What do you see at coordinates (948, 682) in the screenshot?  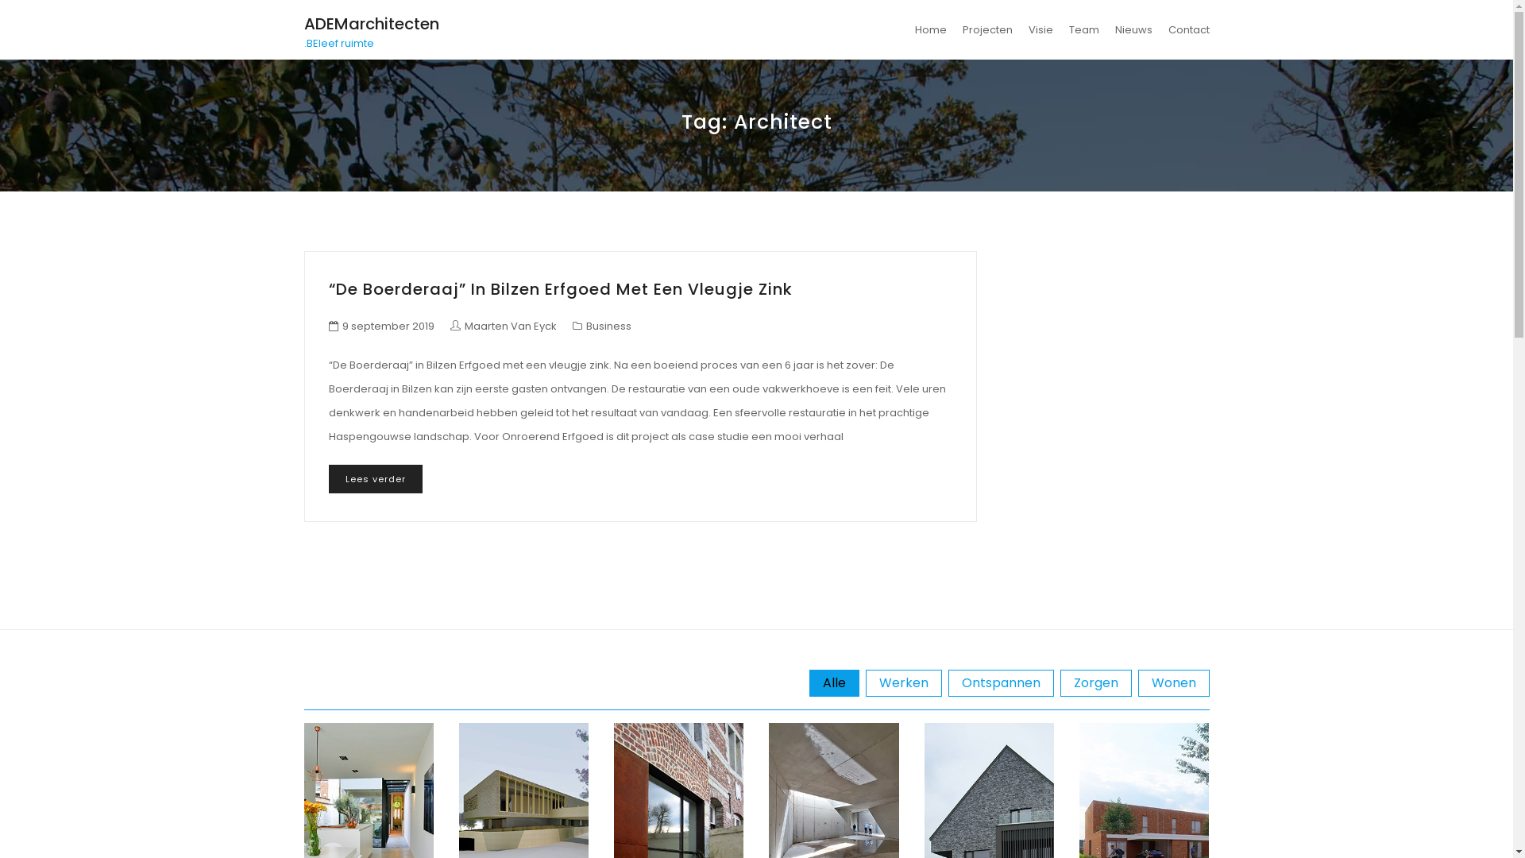 I see `'Ontspannen'` at bounding box center [948, 682].